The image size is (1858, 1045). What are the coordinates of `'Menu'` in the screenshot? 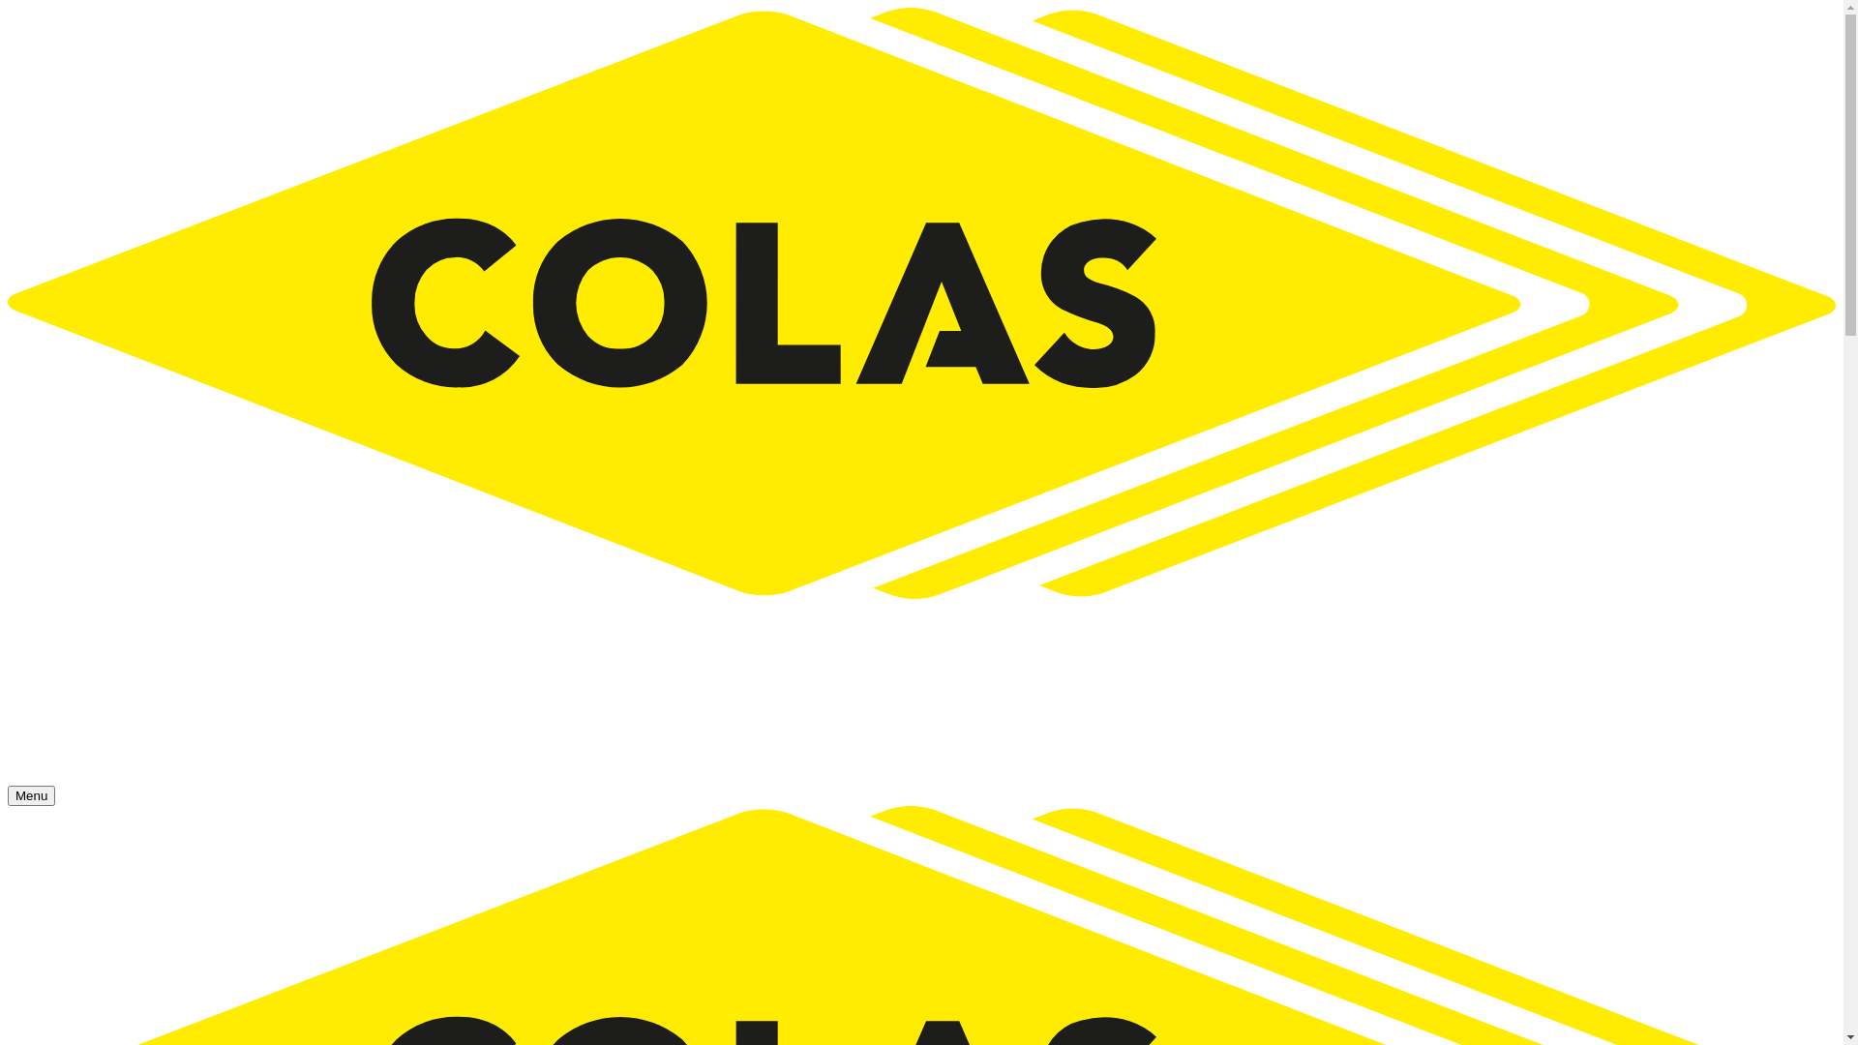 It's located at (31, 795).